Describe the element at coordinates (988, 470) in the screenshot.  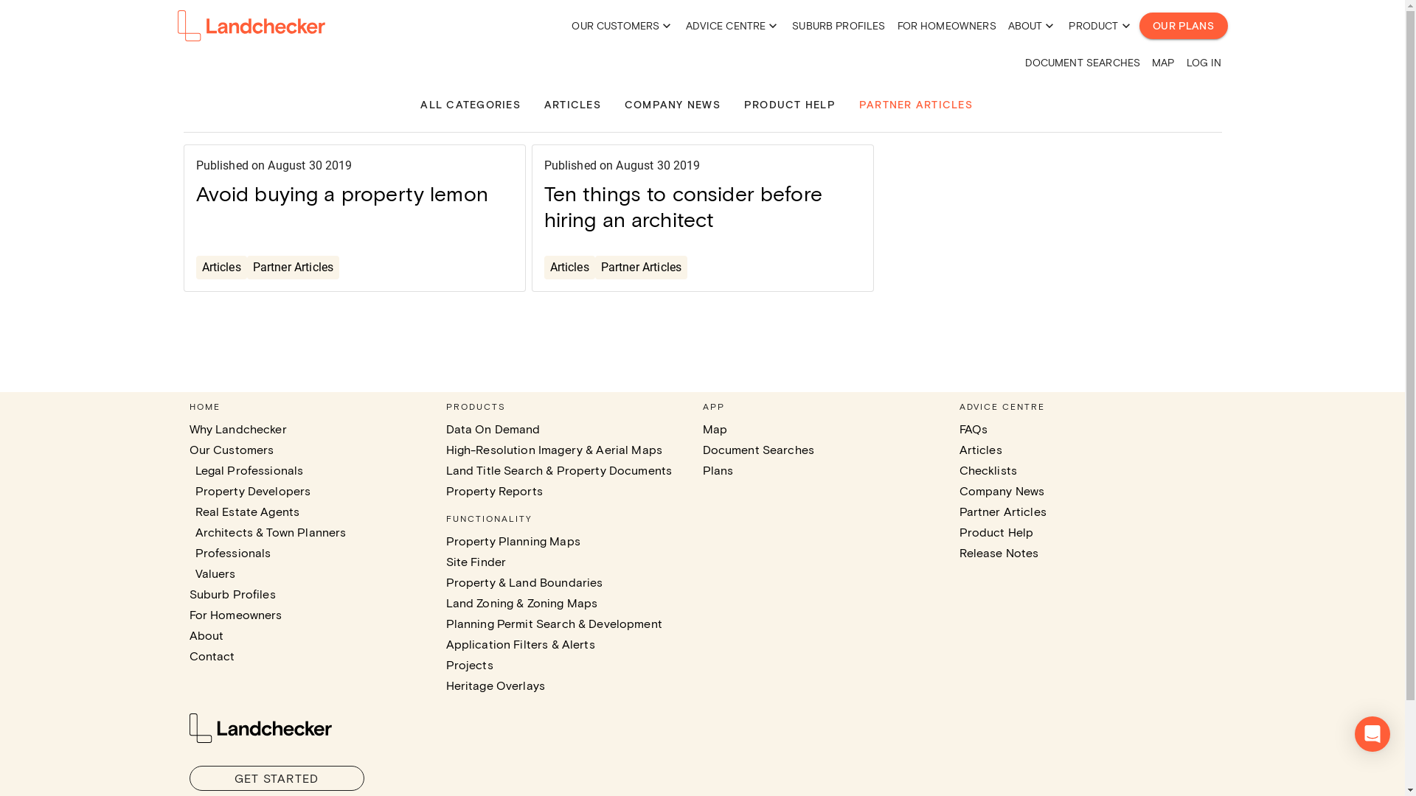
I see `'Checklists'` at that location.